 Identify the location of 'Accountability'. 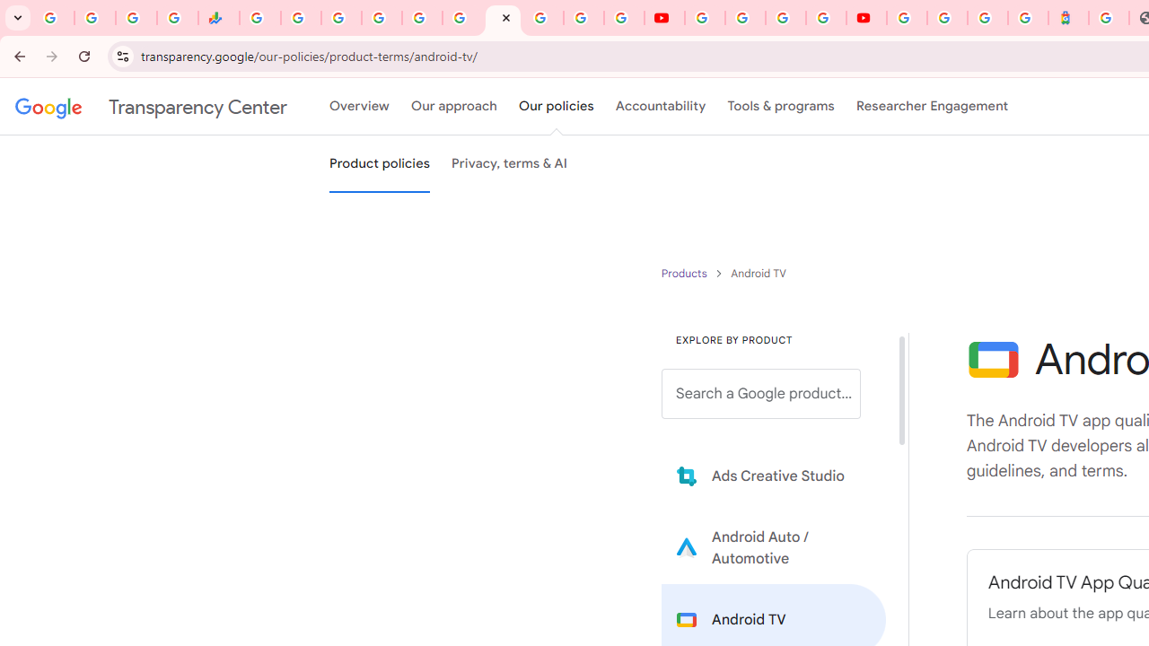
(660, 107).